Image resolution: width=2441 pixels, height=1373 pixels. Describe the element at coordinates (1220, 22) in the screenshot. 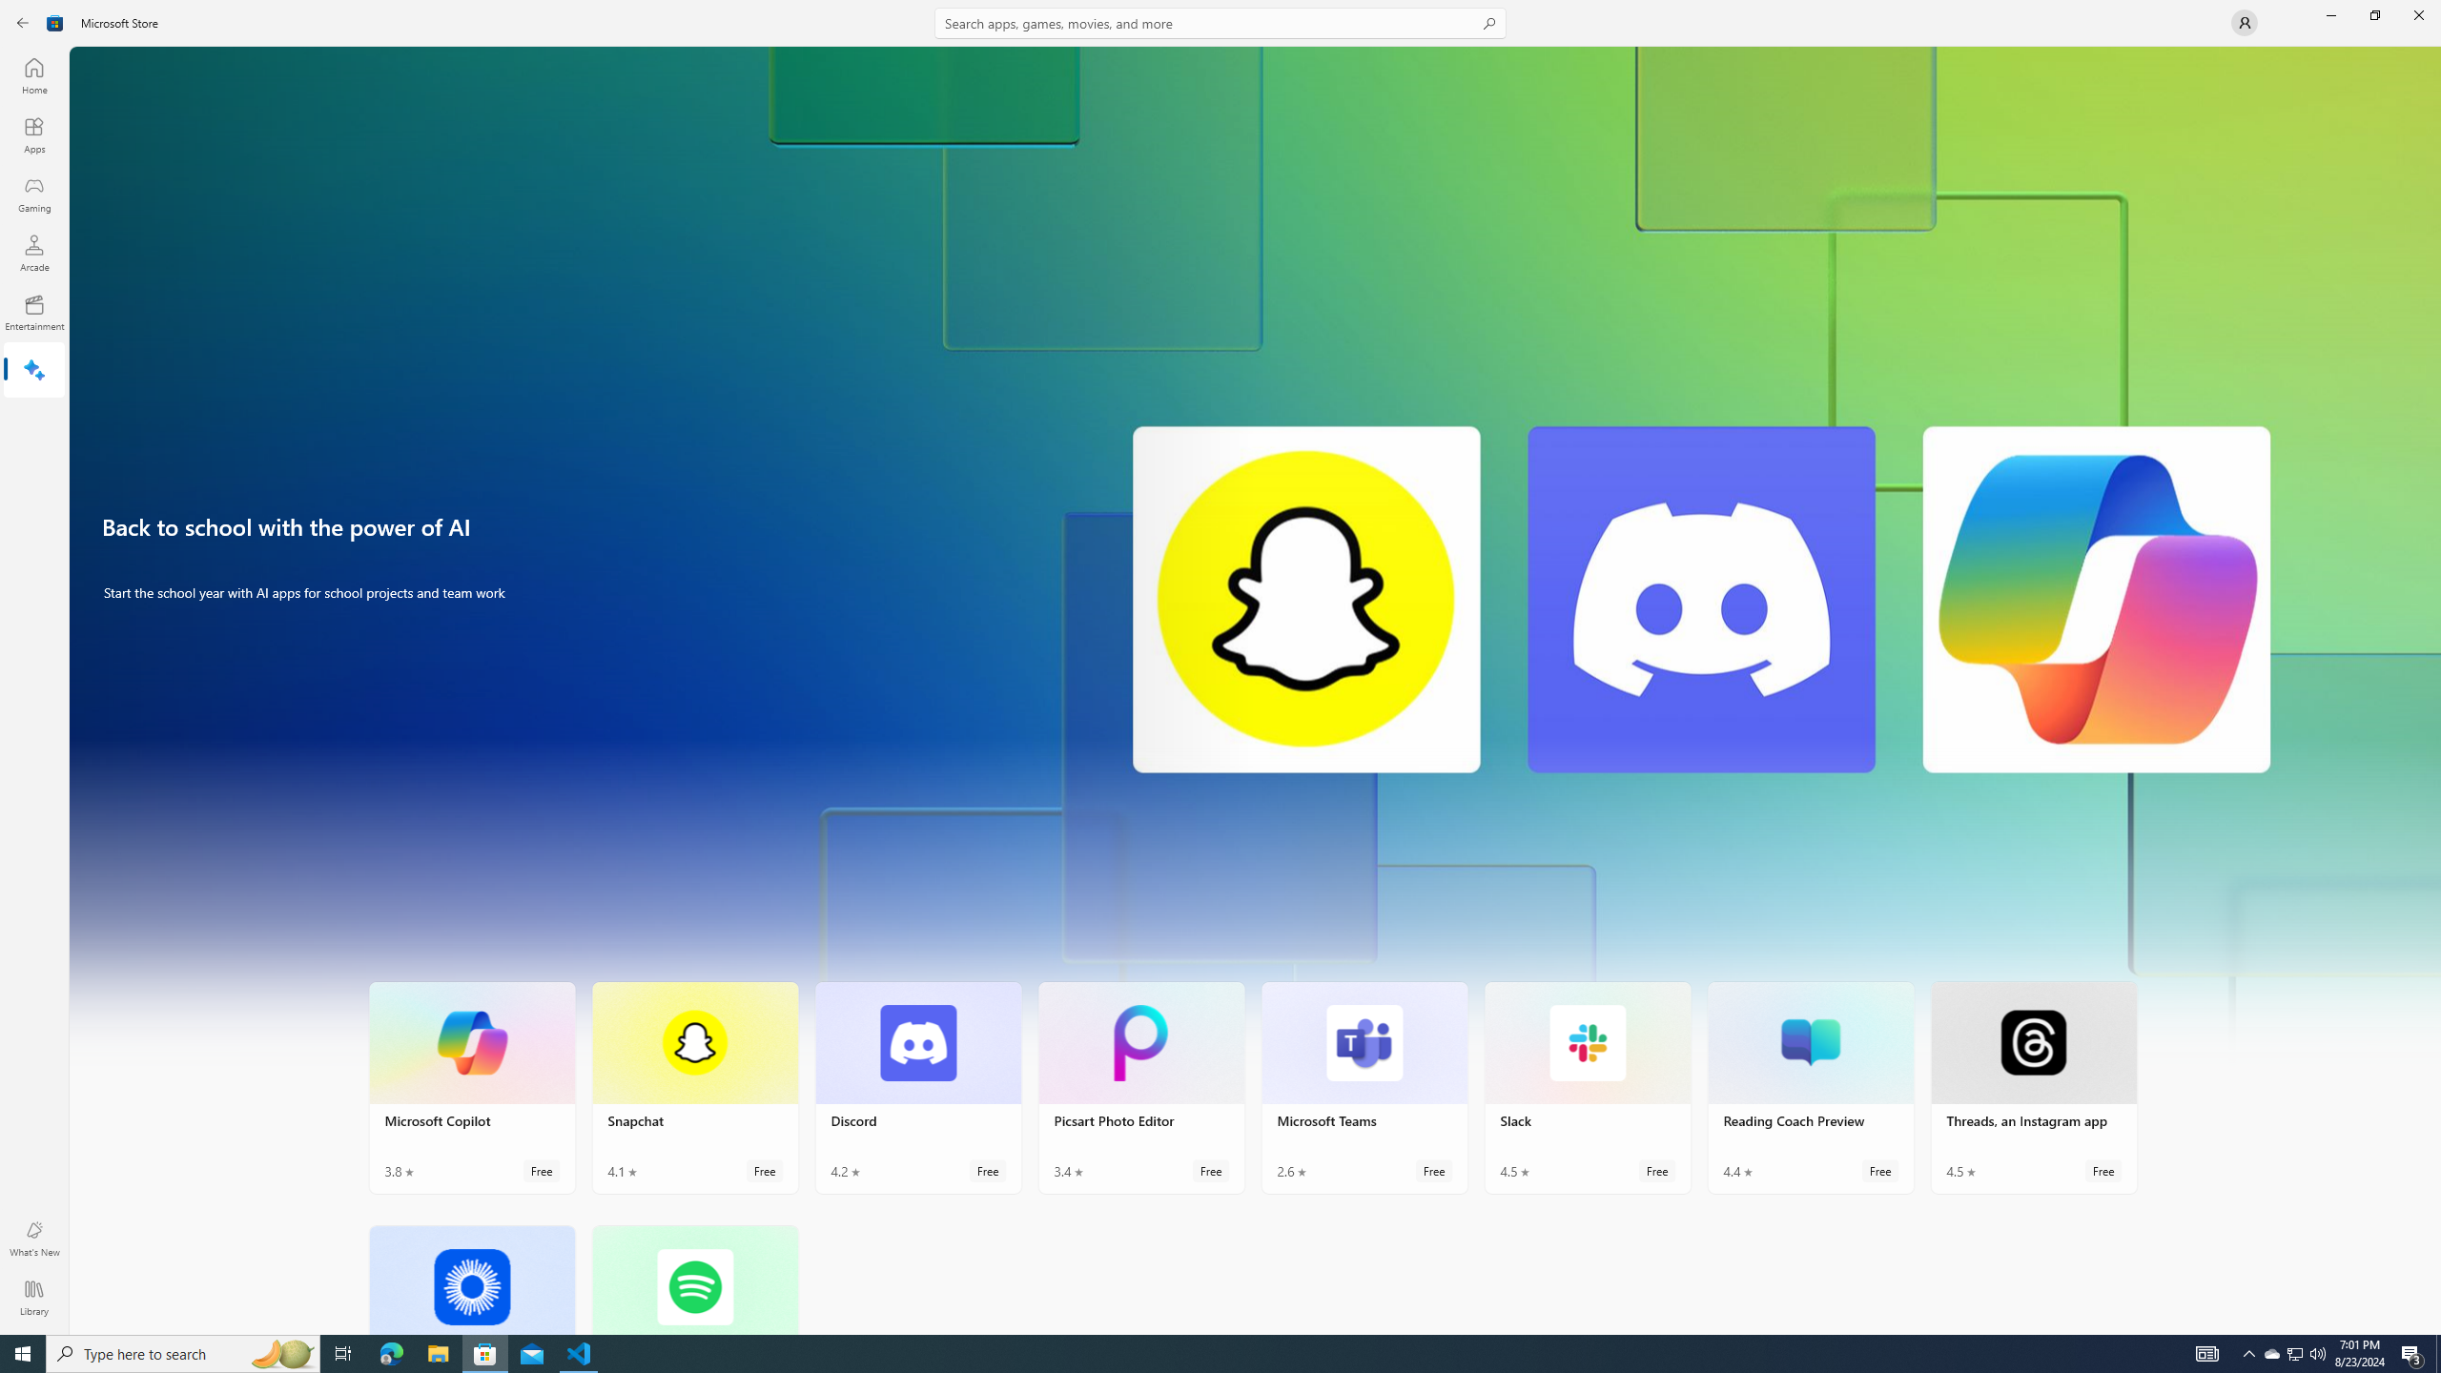

I see `'Search'` at that location.